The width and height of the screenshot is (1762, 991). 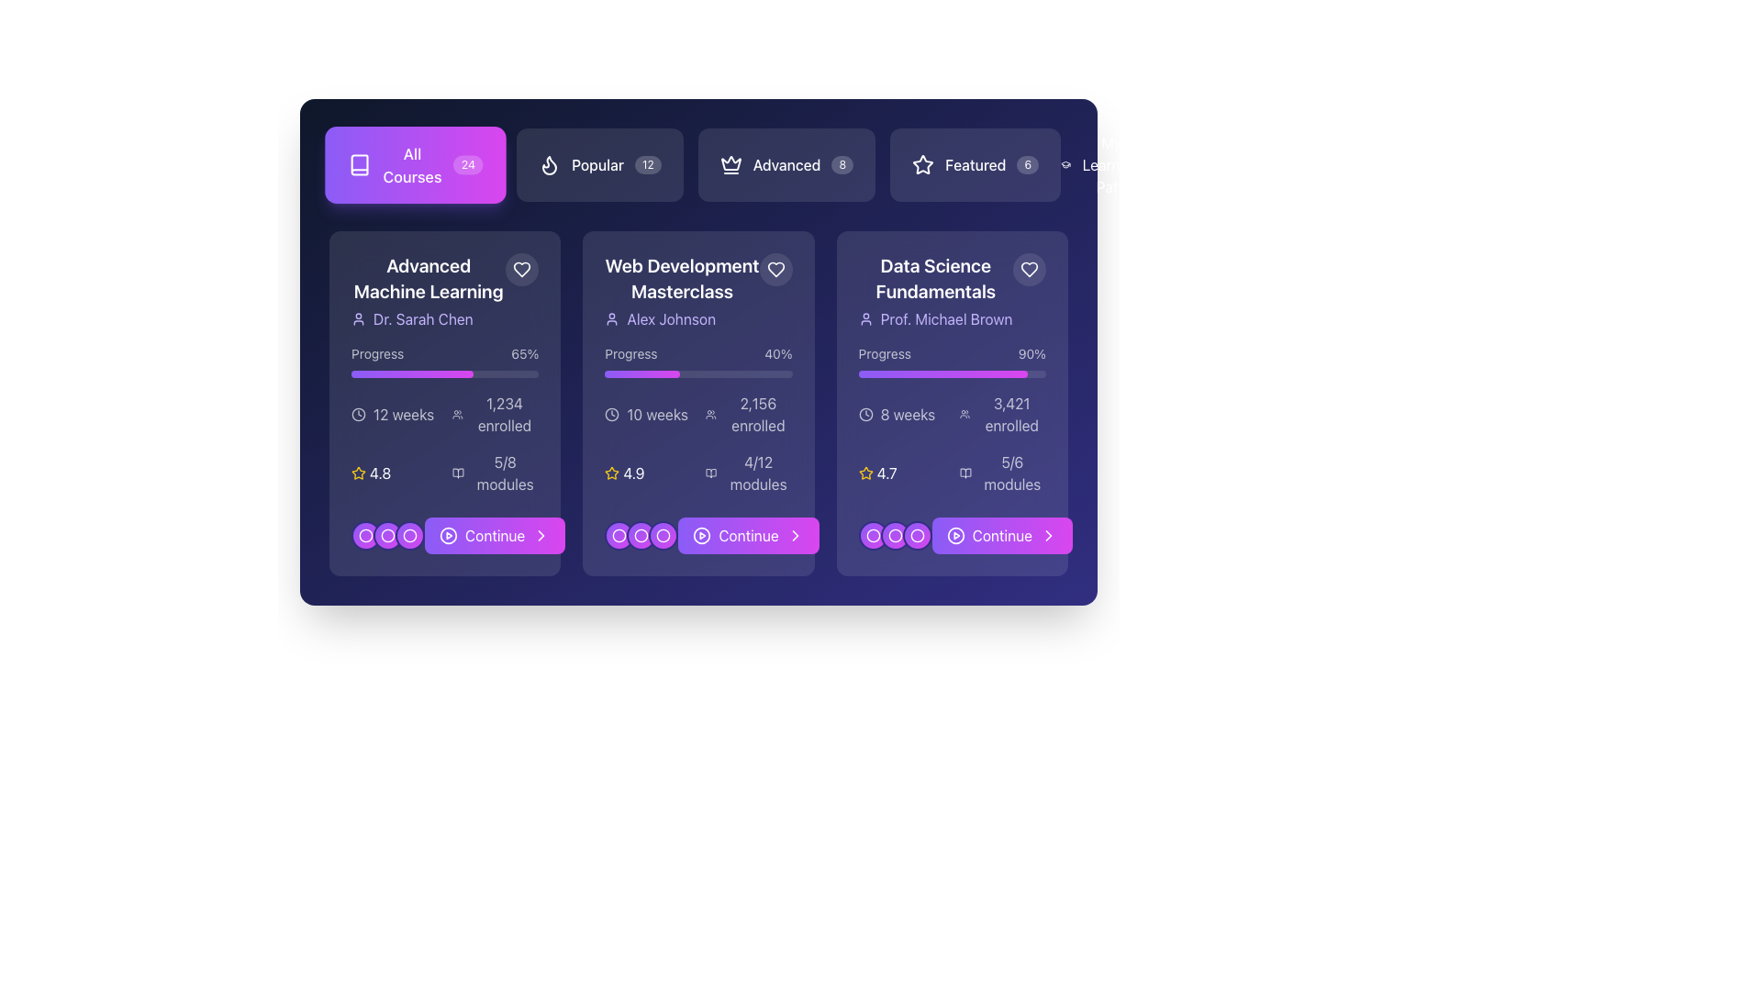 I want to click on the book icon representing the educational context of the 'Web Development Masterclass' course located at the top-left corner of the course details card, adjacent to '4/12 modules.', so click(x=710, y=473).